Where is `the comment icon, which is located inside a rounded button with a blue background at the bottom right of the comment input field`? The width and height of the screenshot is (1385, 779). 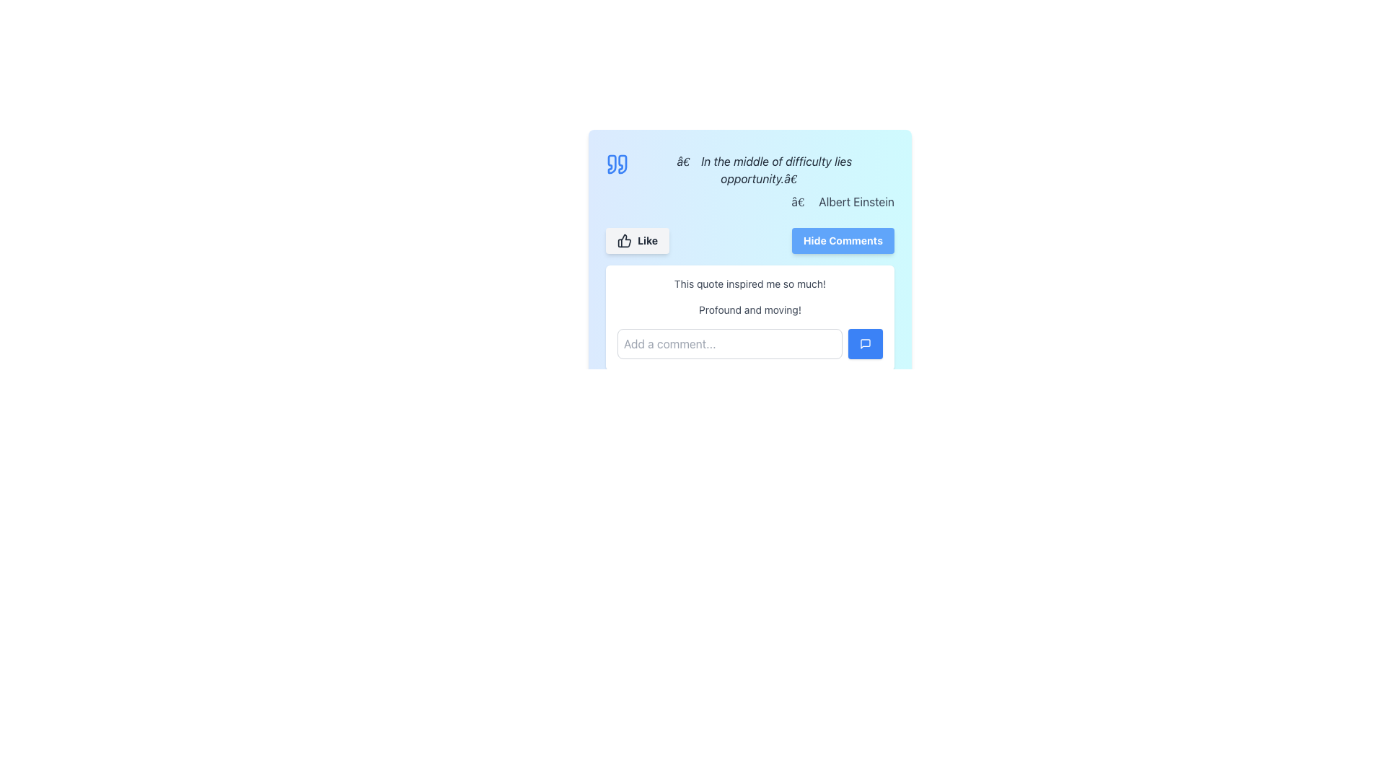
the comment icon, which is located inside a rounded button with a blue background at the bottom right of the comment input field is located at coordinates (866, 344).